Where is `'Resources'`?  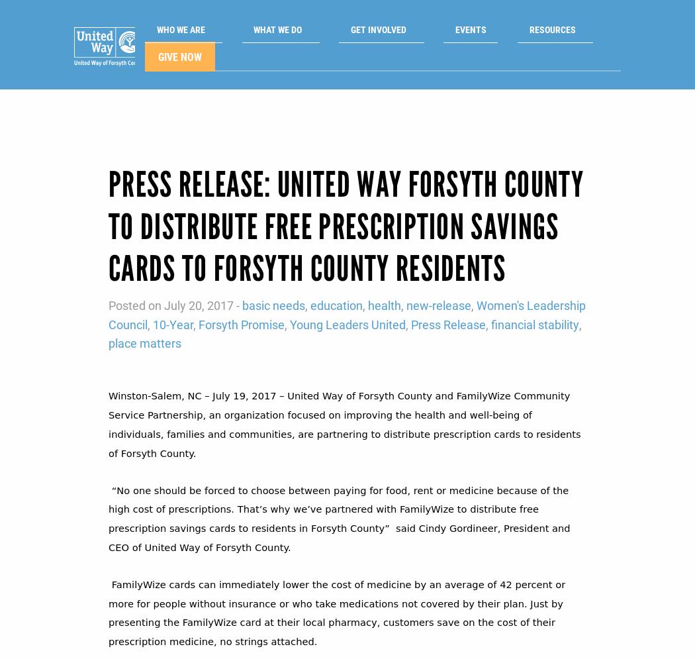
'Resources' is located at coordinates (509, 32).